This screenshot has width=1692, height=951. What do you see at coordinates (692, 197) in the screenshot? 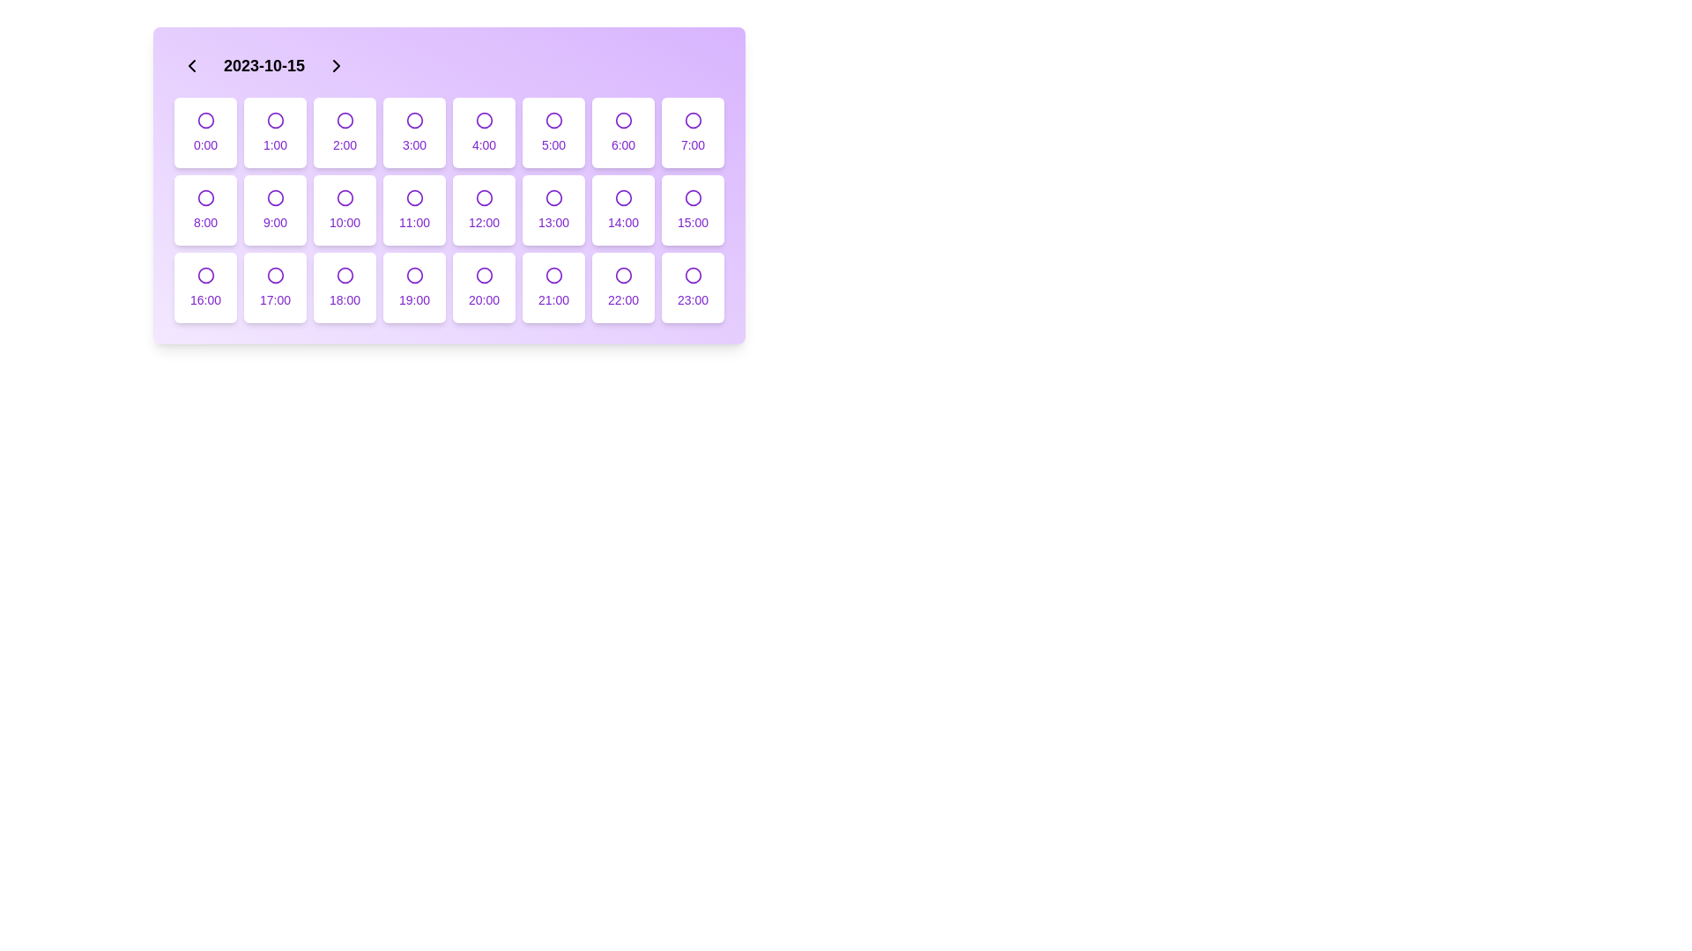
I see `the circular Indicator icon located inside the button labeled '15:00' in the fourth column of the third row of the grid` at bounding box center [692, 197].